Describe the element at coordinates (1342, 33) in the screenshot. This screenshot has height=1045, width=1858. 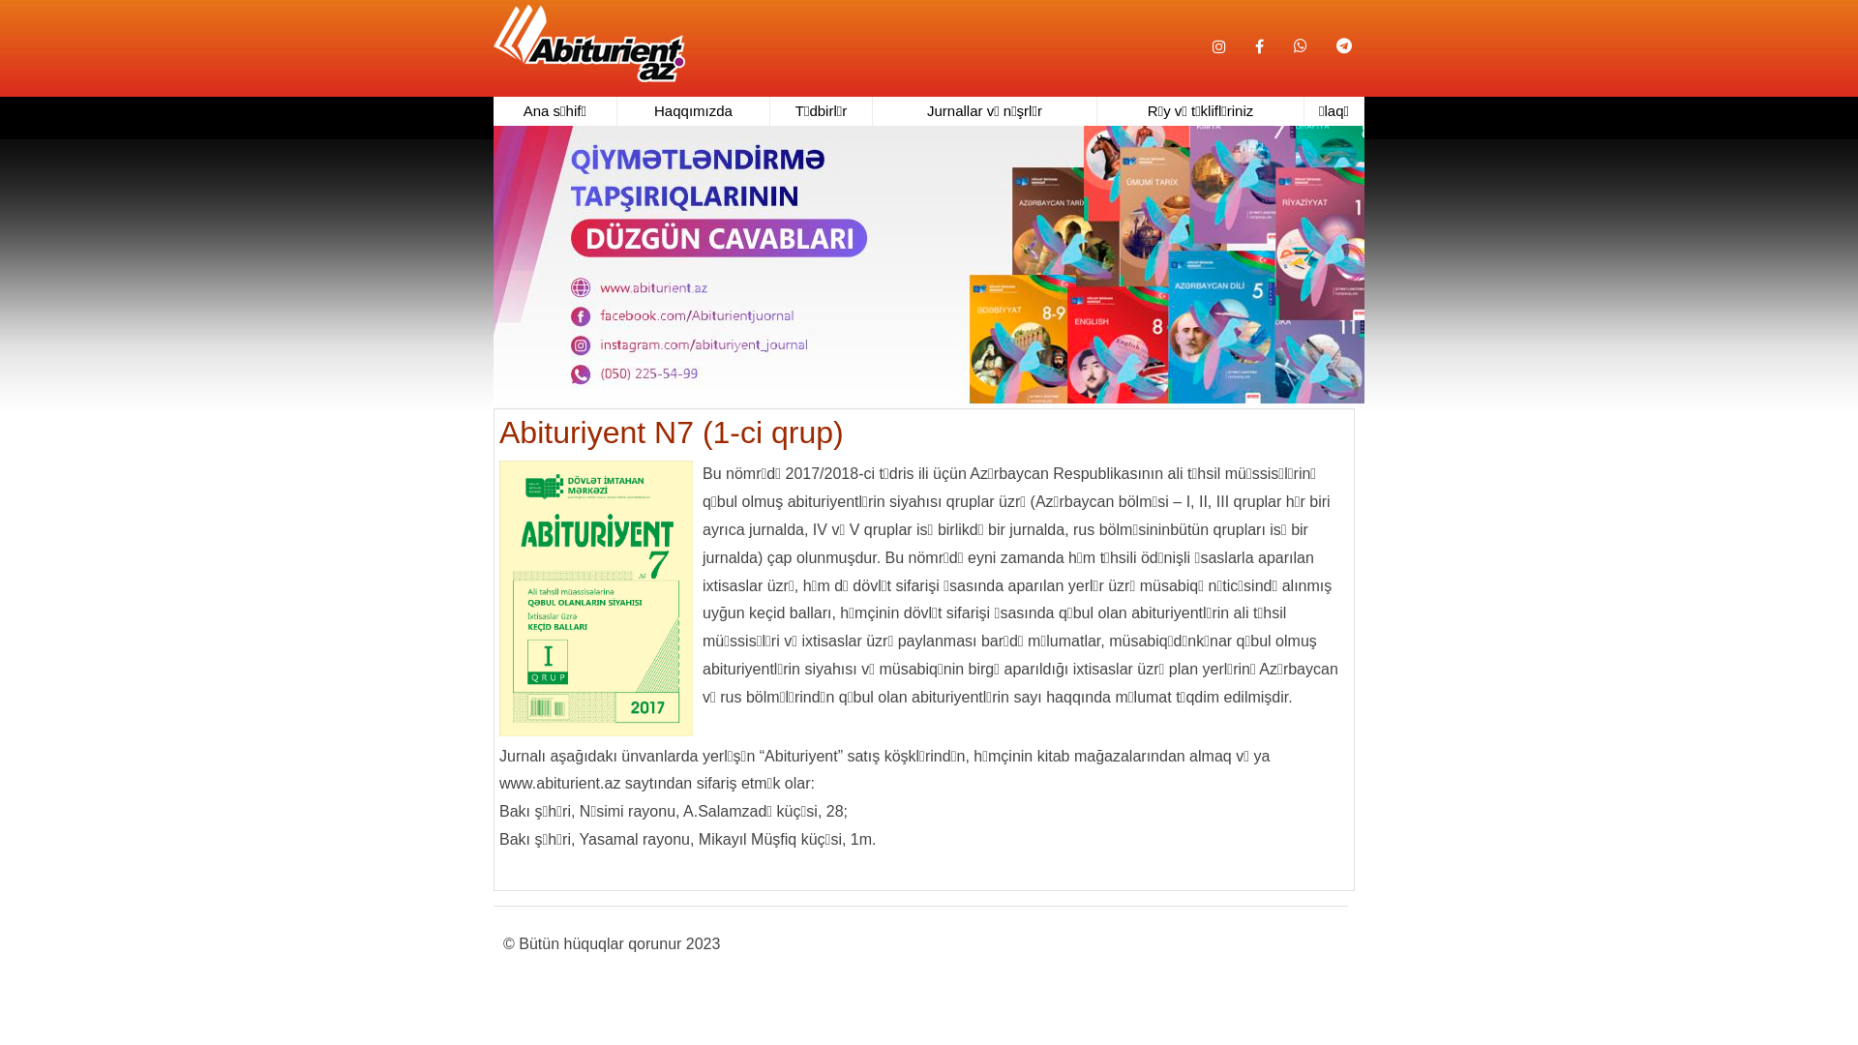
I see `'Telegram'` at that location.